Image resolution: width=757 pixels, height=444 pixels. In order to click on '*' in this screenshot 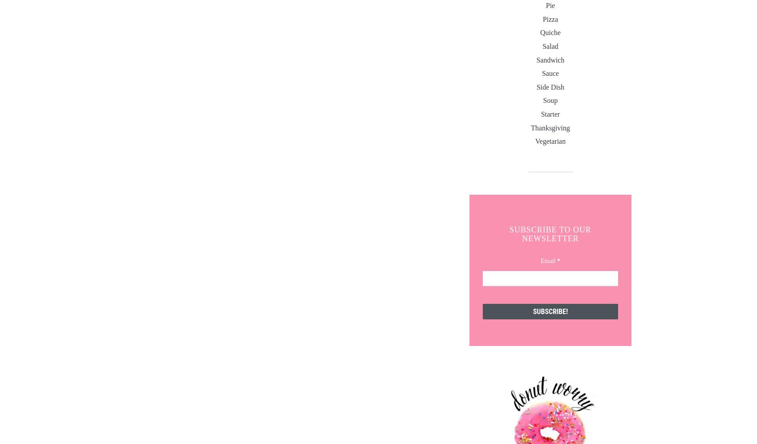, I will do `click(558, 261)`.